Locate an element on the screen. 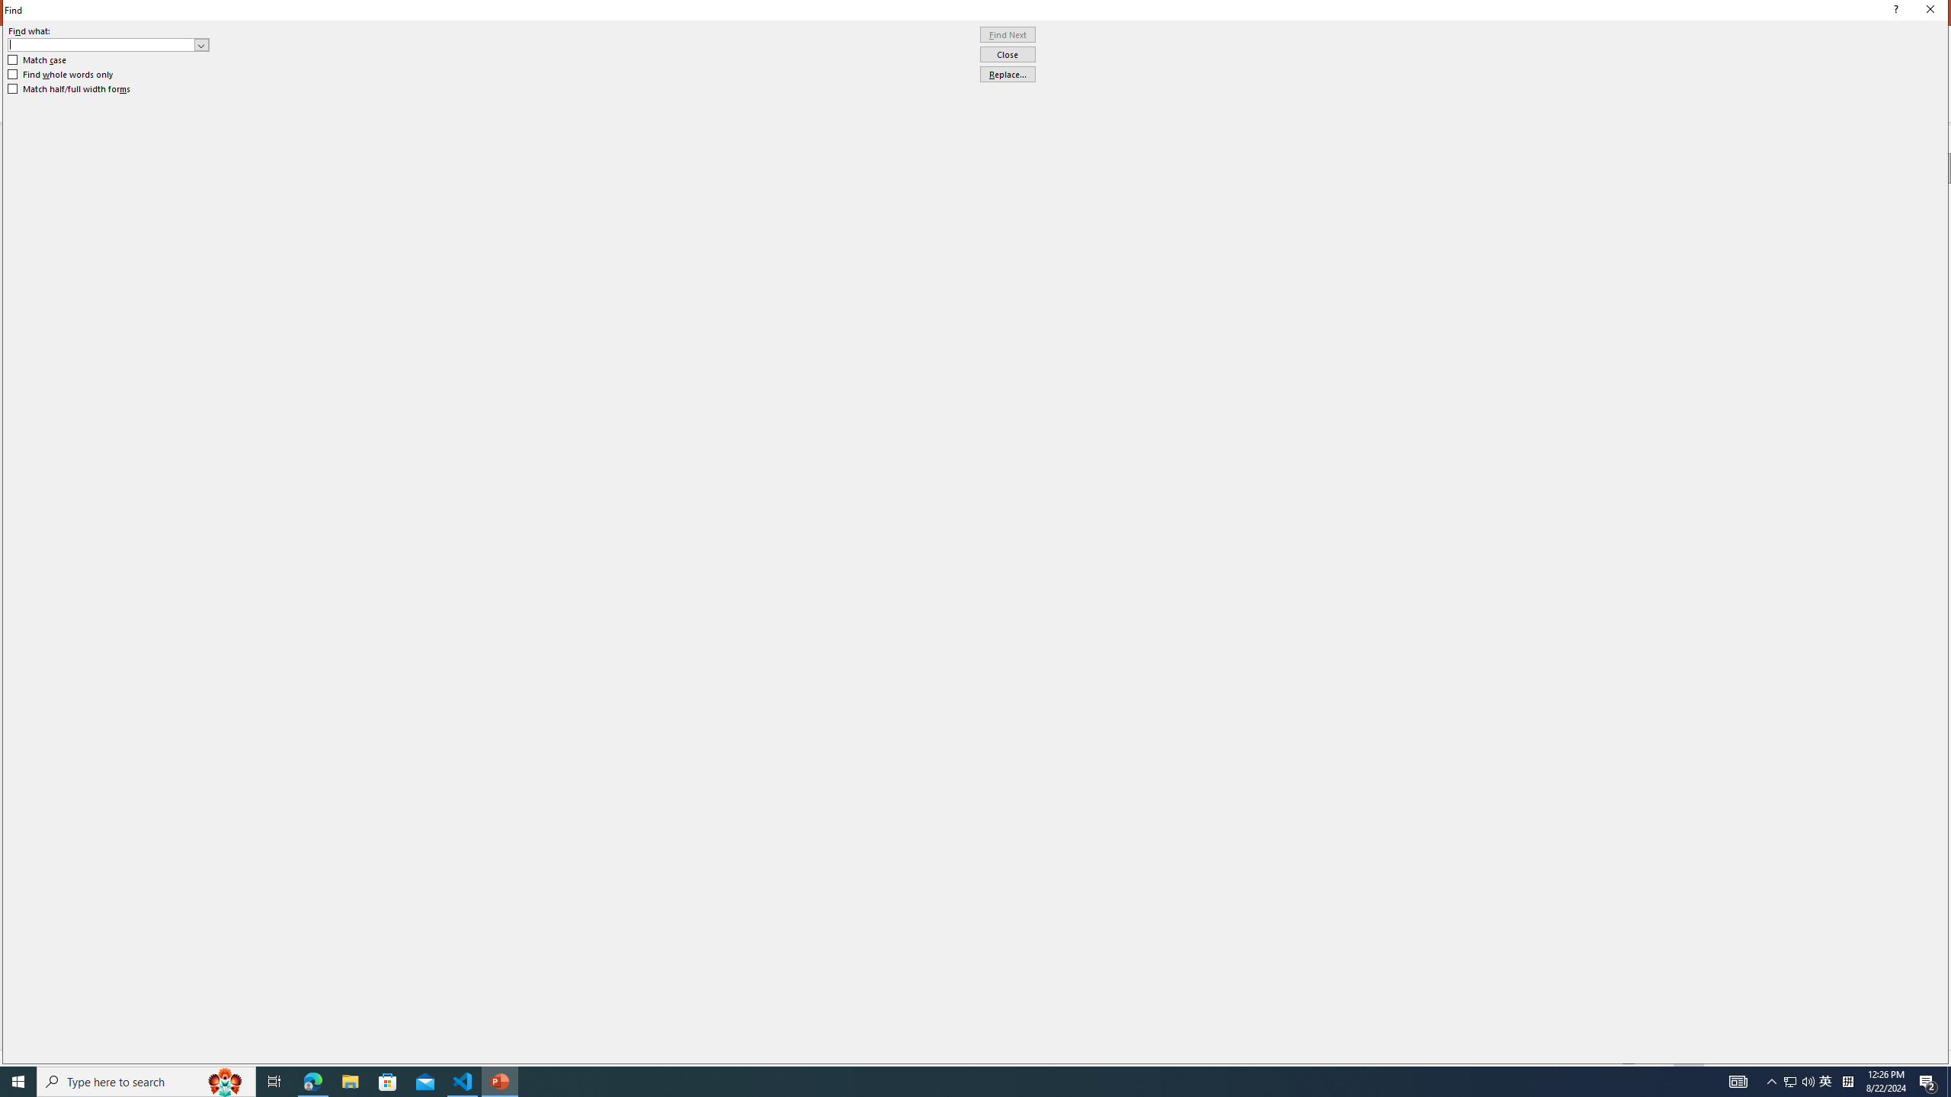  'Match half/full width forms' is located at coordinates (69, 88).